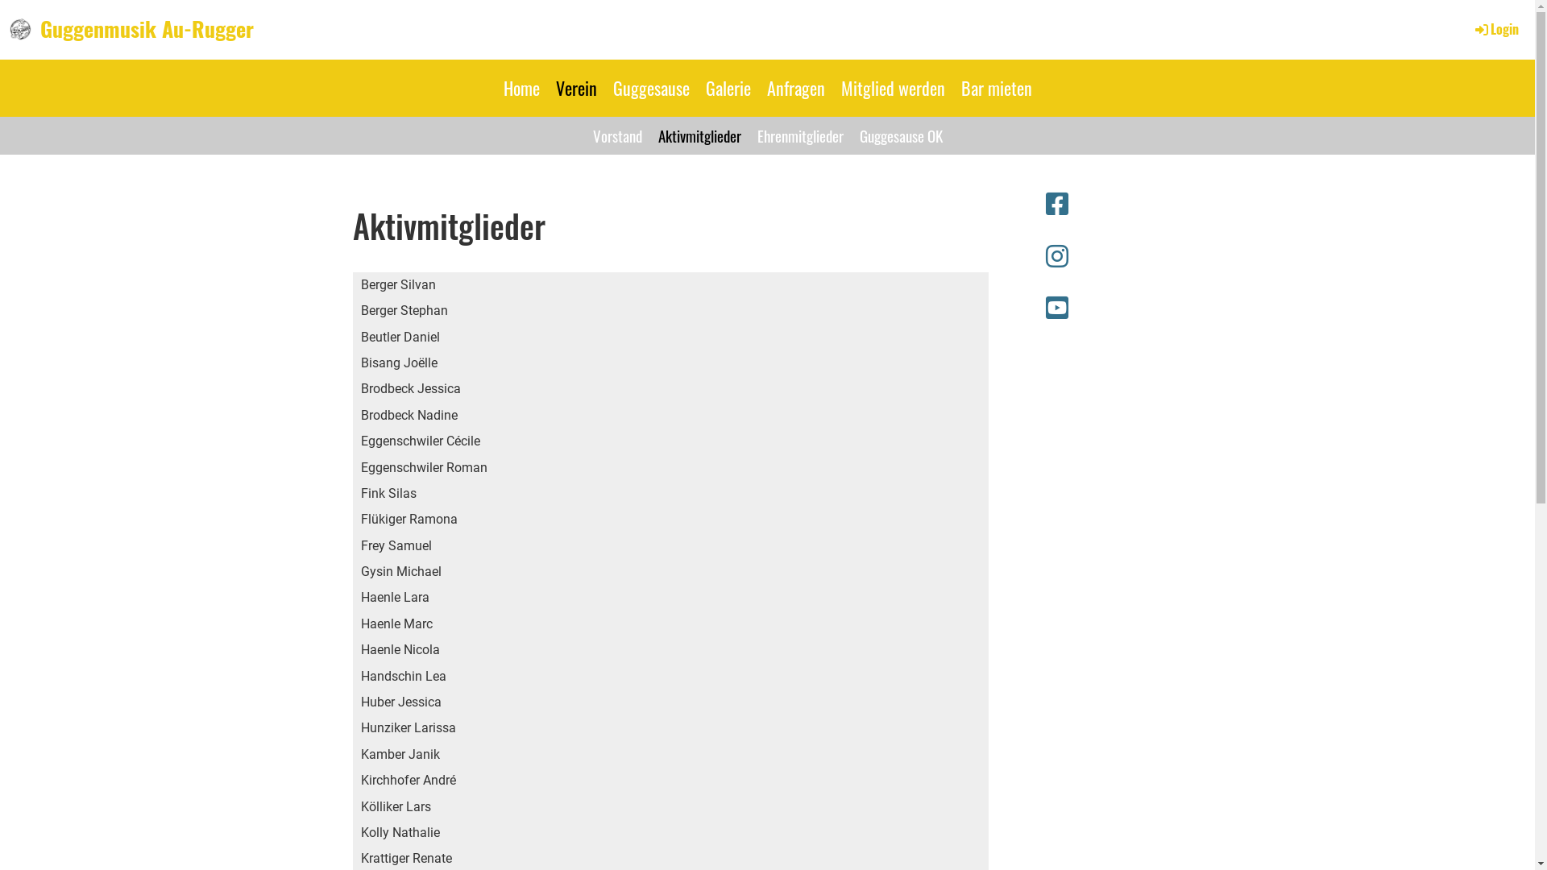 The height and width of the screenshot is (870, 1547). What do you see at coordinates (899, 135) in the screenshot?
I see `'Guggesause OK'` at bounding box center [899, 135].